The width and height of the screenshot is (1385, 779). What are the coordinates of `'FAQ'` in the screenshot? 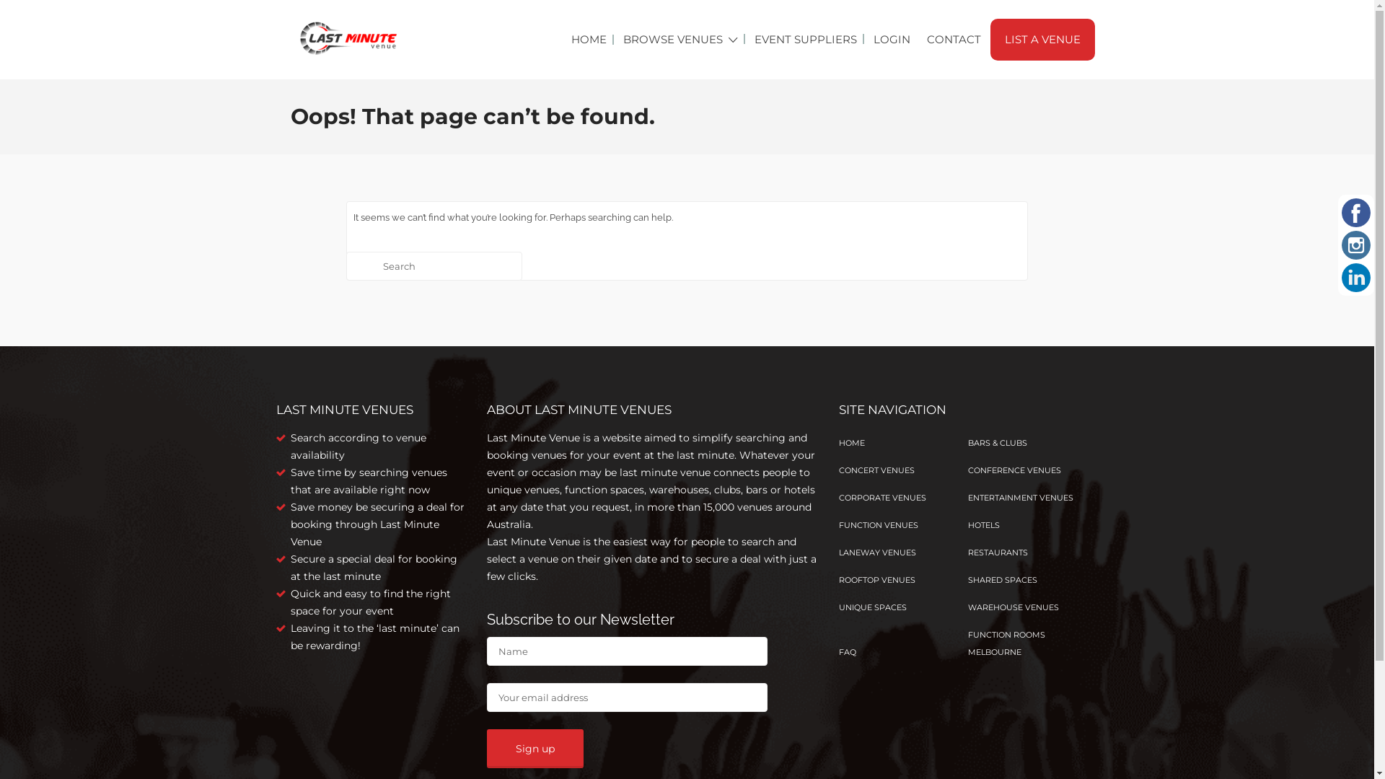 It's located at (847, 651).